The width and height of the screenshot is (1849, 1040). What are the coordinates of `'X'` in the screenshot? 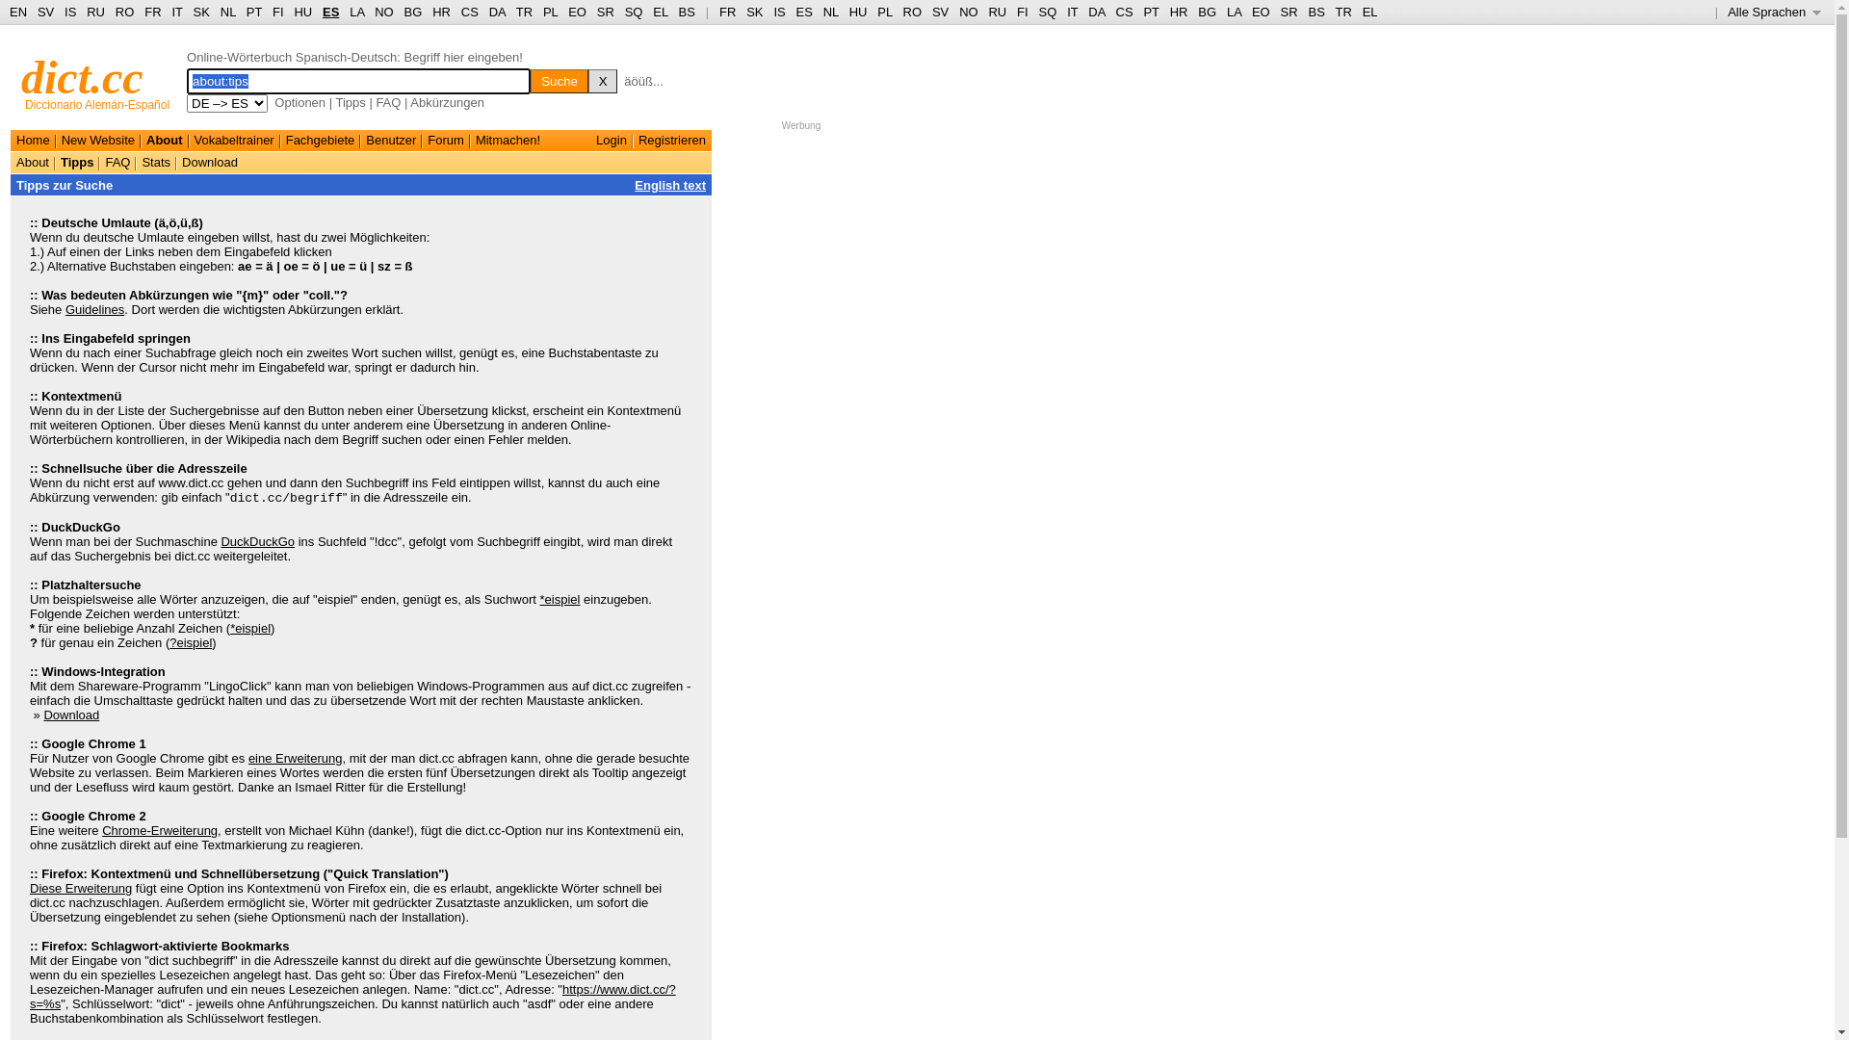 It's located at (601, 80).